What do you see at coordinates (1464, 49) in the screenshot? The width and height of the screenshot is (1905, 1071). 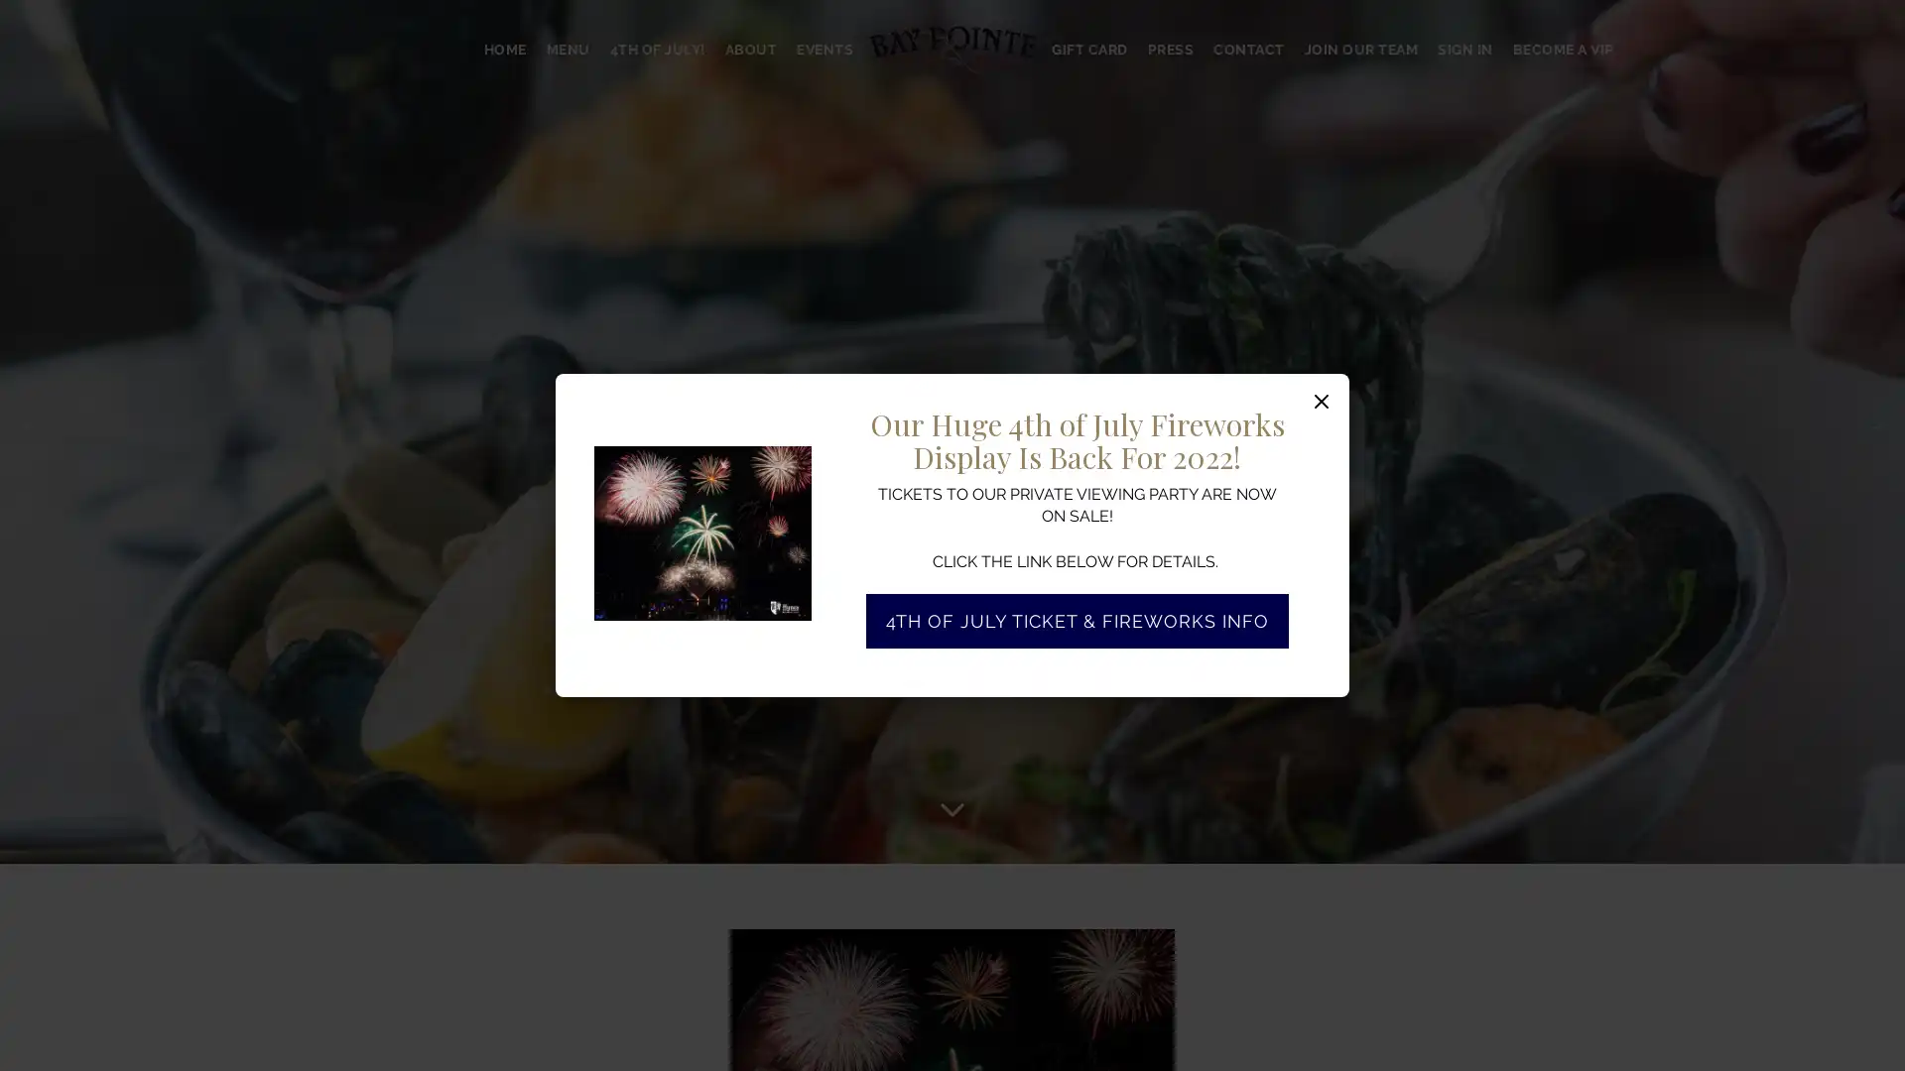 I see `SIGN IN` at bounding box center [1464, 49].